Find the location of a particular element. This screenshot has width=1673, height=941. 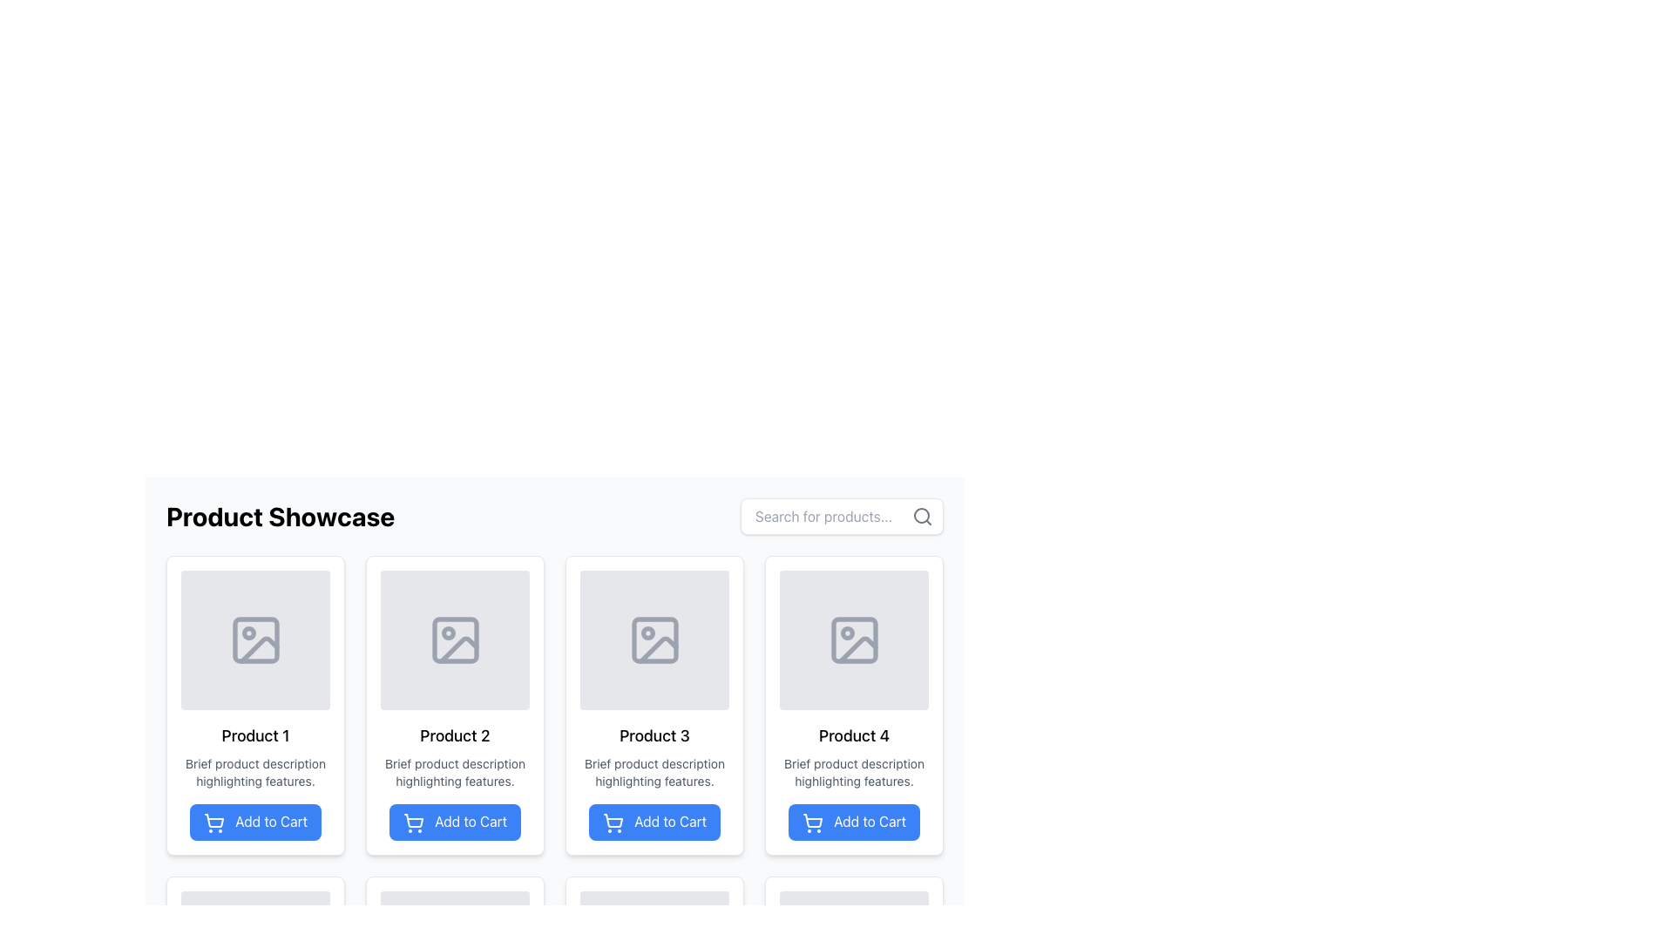

the image placeholder icon located in the second card of the first row, labeled 'Product 2', for interaction is located at coordinates (455, 640).